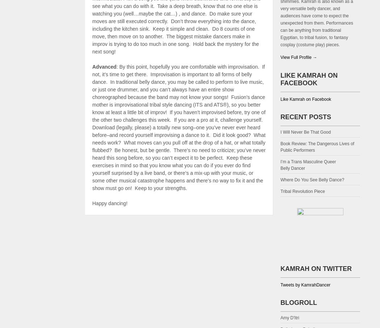 This screenshot has width=380, height=328. What do you see at coordinates (299, 56) in the screenshot?
I see `'View Full Profile →'` at bounding box center [299, 56].